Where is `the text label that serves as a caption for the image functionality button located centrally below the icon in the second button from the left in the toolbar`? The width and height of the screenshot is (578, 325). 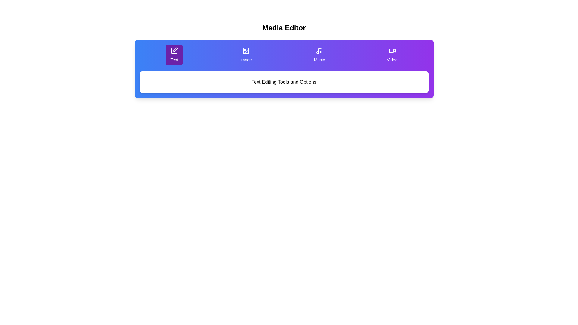
the text label that serves as a caption for the image functionality button located centrally below the icon in the second button from the left in the toolbar is located at coordinates (246, 60).